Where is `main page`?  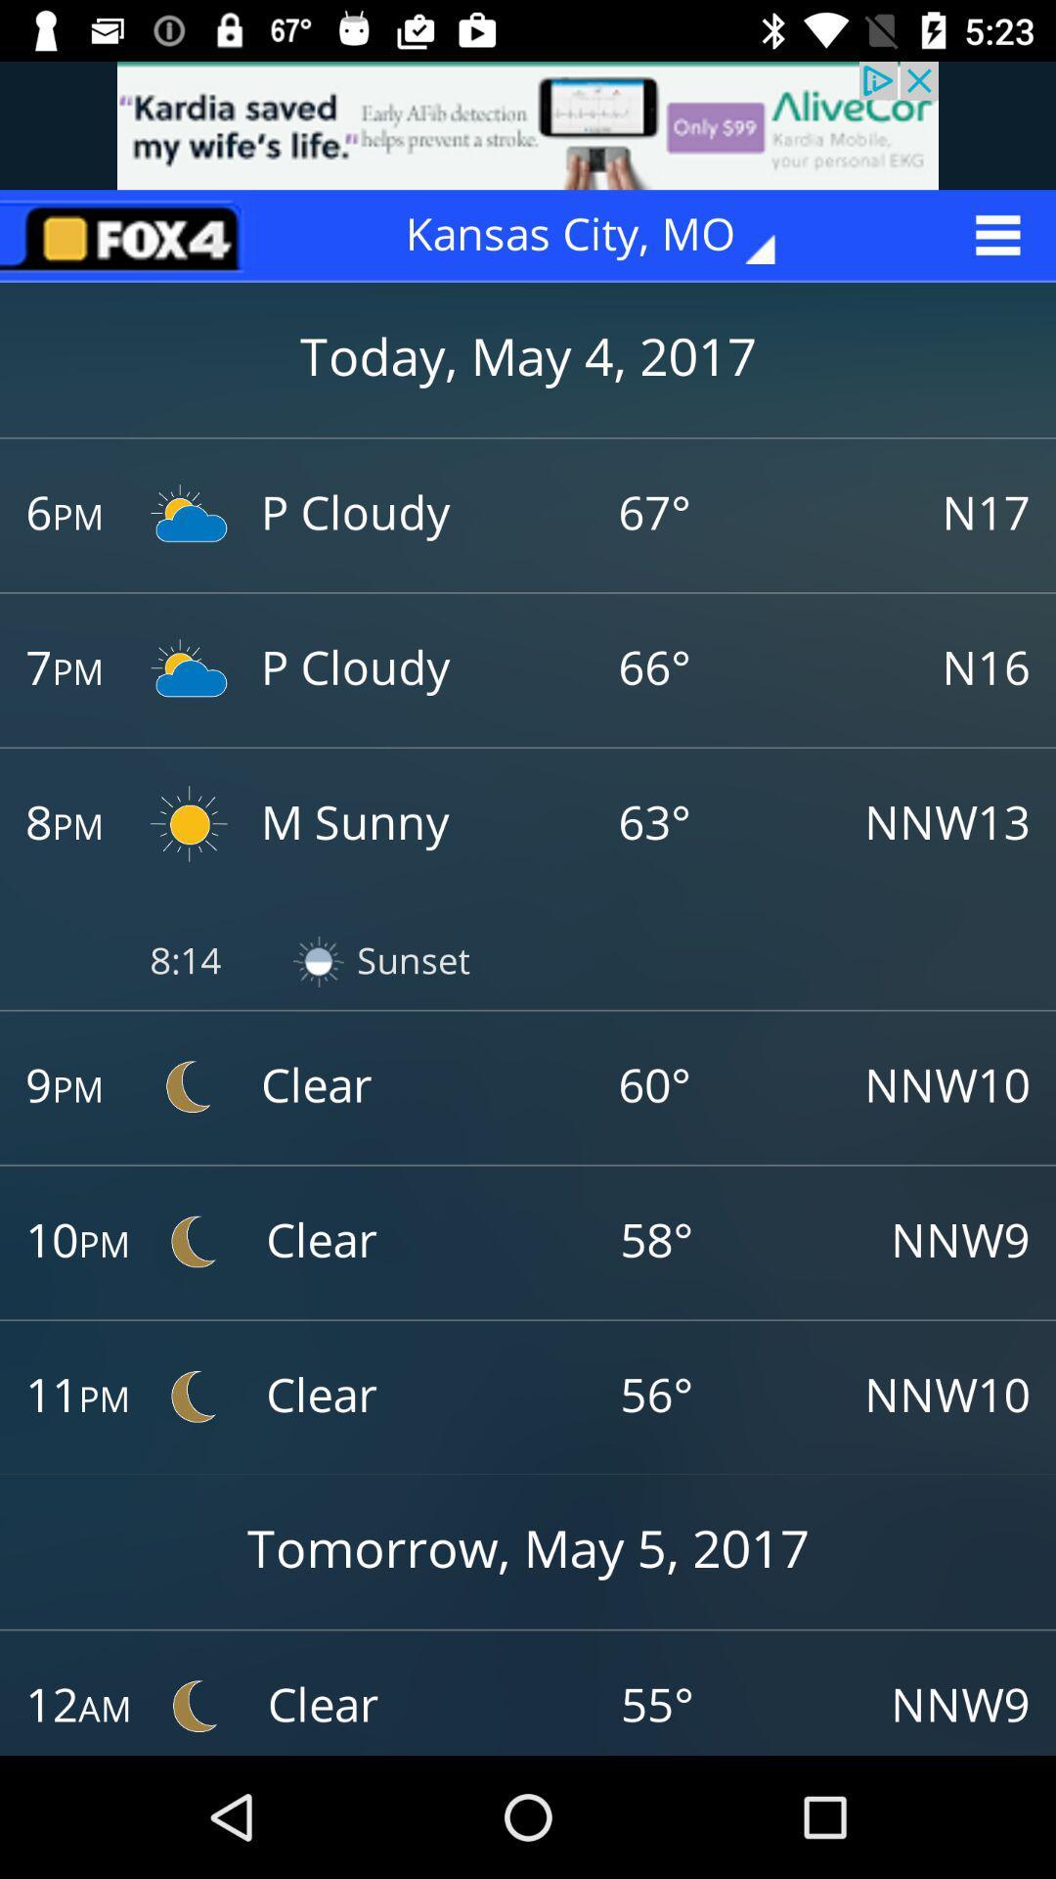 main page is located at coordinates (128, 235).